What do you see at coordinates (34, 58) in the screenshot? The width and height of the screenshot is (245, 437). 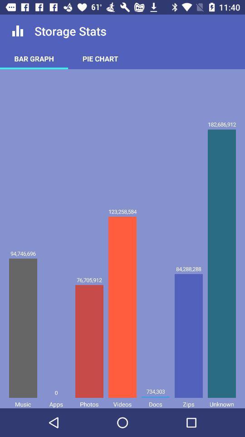 I see `the item next to pie chart` at bounding box center [34, 58].